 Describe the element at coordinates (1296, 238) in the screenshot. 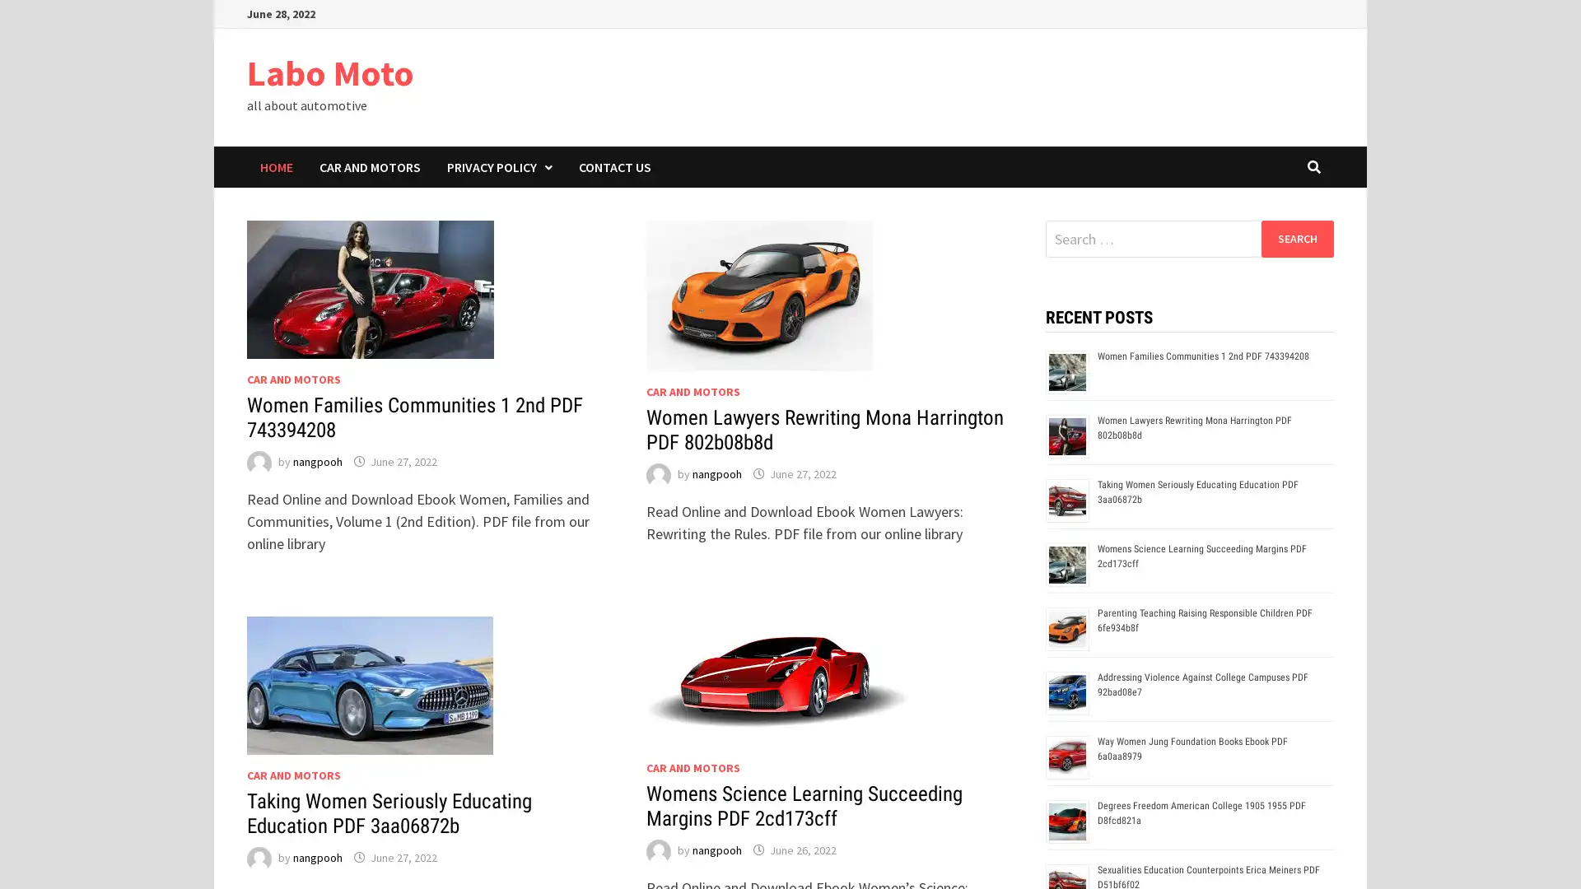

I see `Search` at that location.